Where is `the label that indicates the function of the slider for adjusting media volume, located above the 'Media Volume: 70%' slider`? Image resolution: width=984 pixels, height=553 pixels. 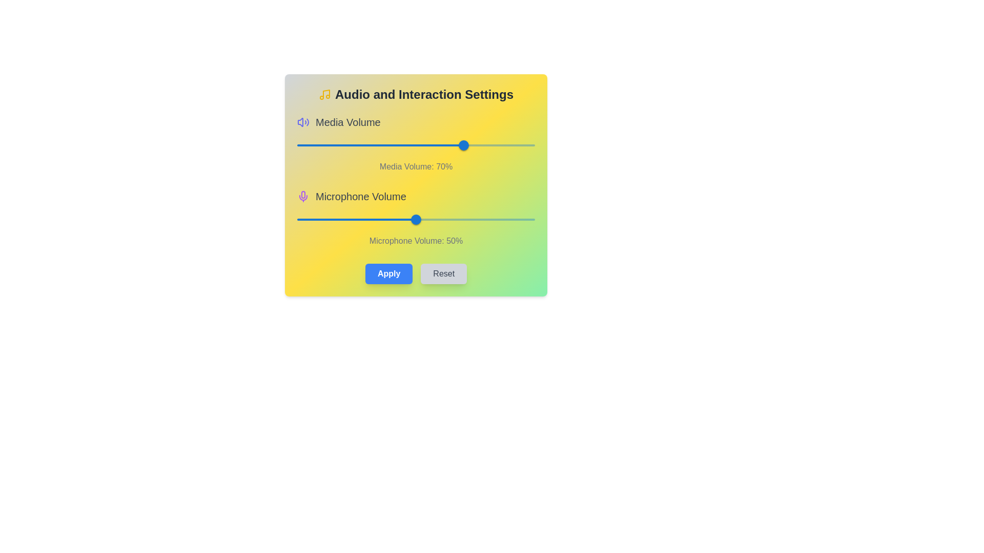
the label that indicates the function of the slider for adjusting media volume, located above the 'Media Volume: 70%' slider is located at coordinates (416, 122).